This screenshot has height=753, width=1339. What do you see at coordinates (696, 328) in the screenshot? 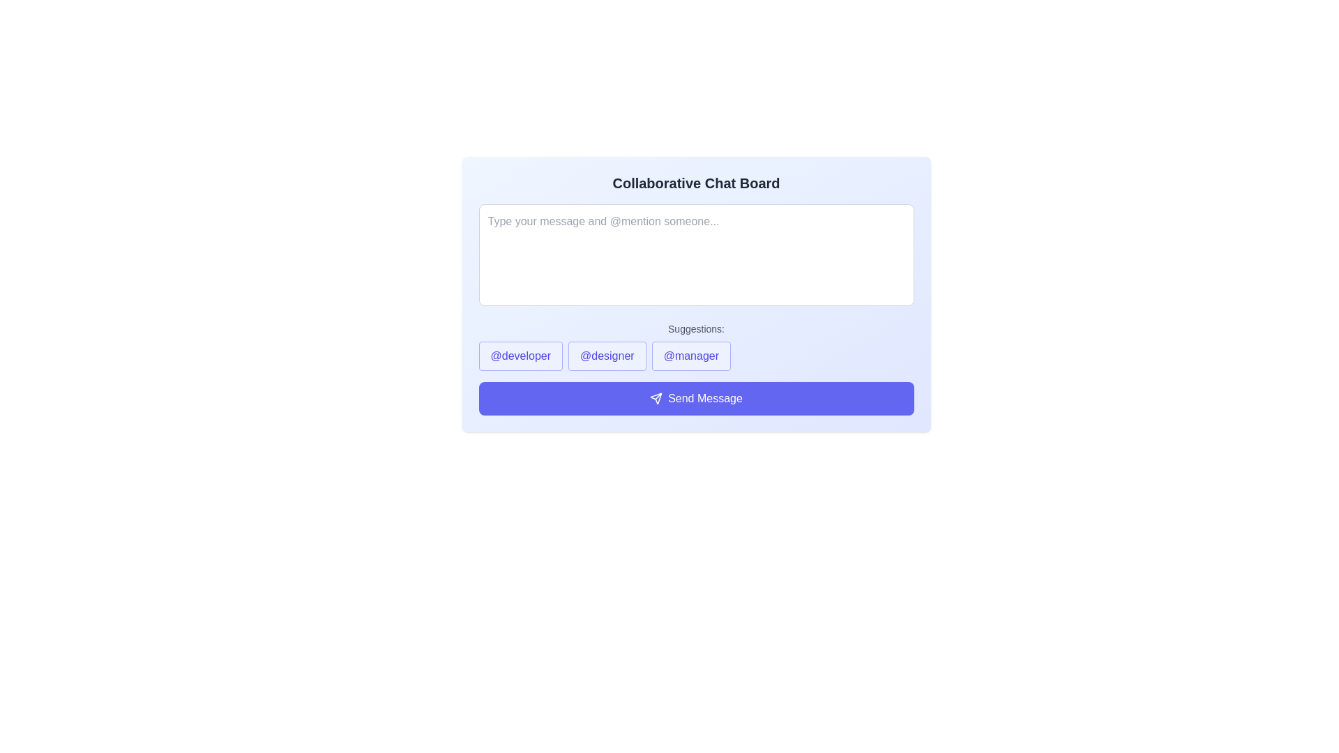
I see `the static text label located below the large text input area and above the interactive buttons '@developer', '@designer', and '@manager'. This label indicates the purpose of the options displayed below it` at bounding box center [696, 328].